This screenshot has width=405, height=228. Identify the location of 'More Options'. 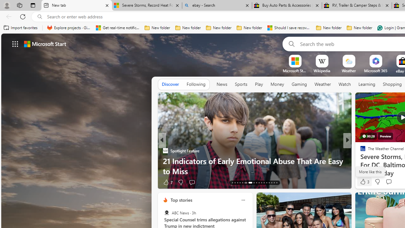
(385, 57).